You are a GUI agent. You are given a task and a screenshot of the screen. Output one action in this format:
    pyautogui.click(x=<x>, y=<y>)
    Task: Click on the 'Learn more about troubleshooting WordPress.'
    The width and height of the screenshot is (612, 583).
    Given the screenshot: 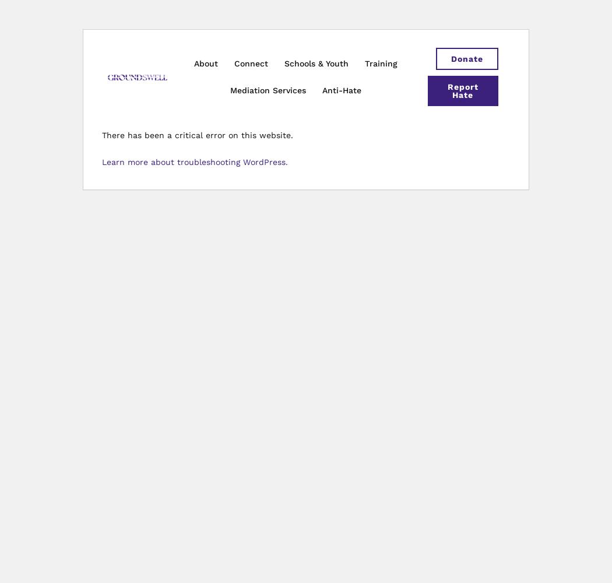 What is the action you would take?
    pyautogui.click(x=195, y=162)
    